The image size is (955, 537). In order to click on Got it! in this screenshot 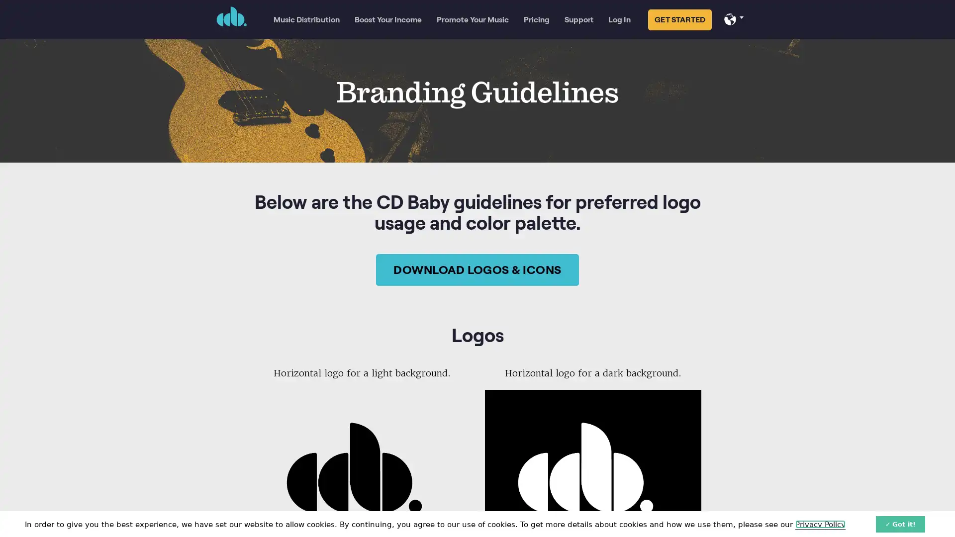, I will do `click(900, 523)`.